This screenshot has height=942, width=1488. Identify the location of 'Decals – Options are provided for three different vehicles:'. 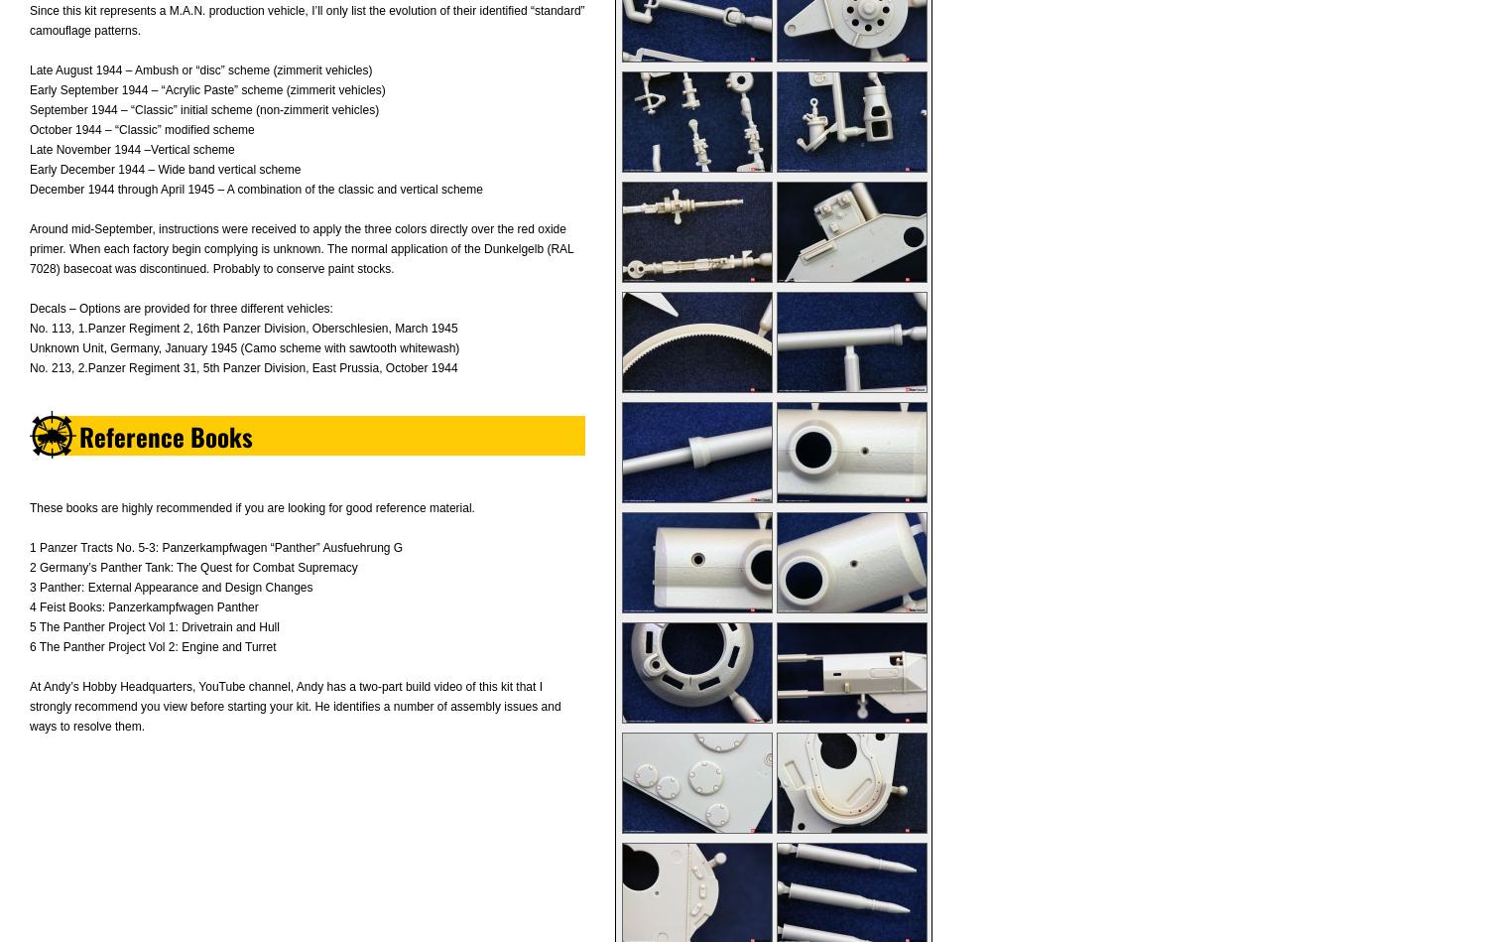
(181, 307).